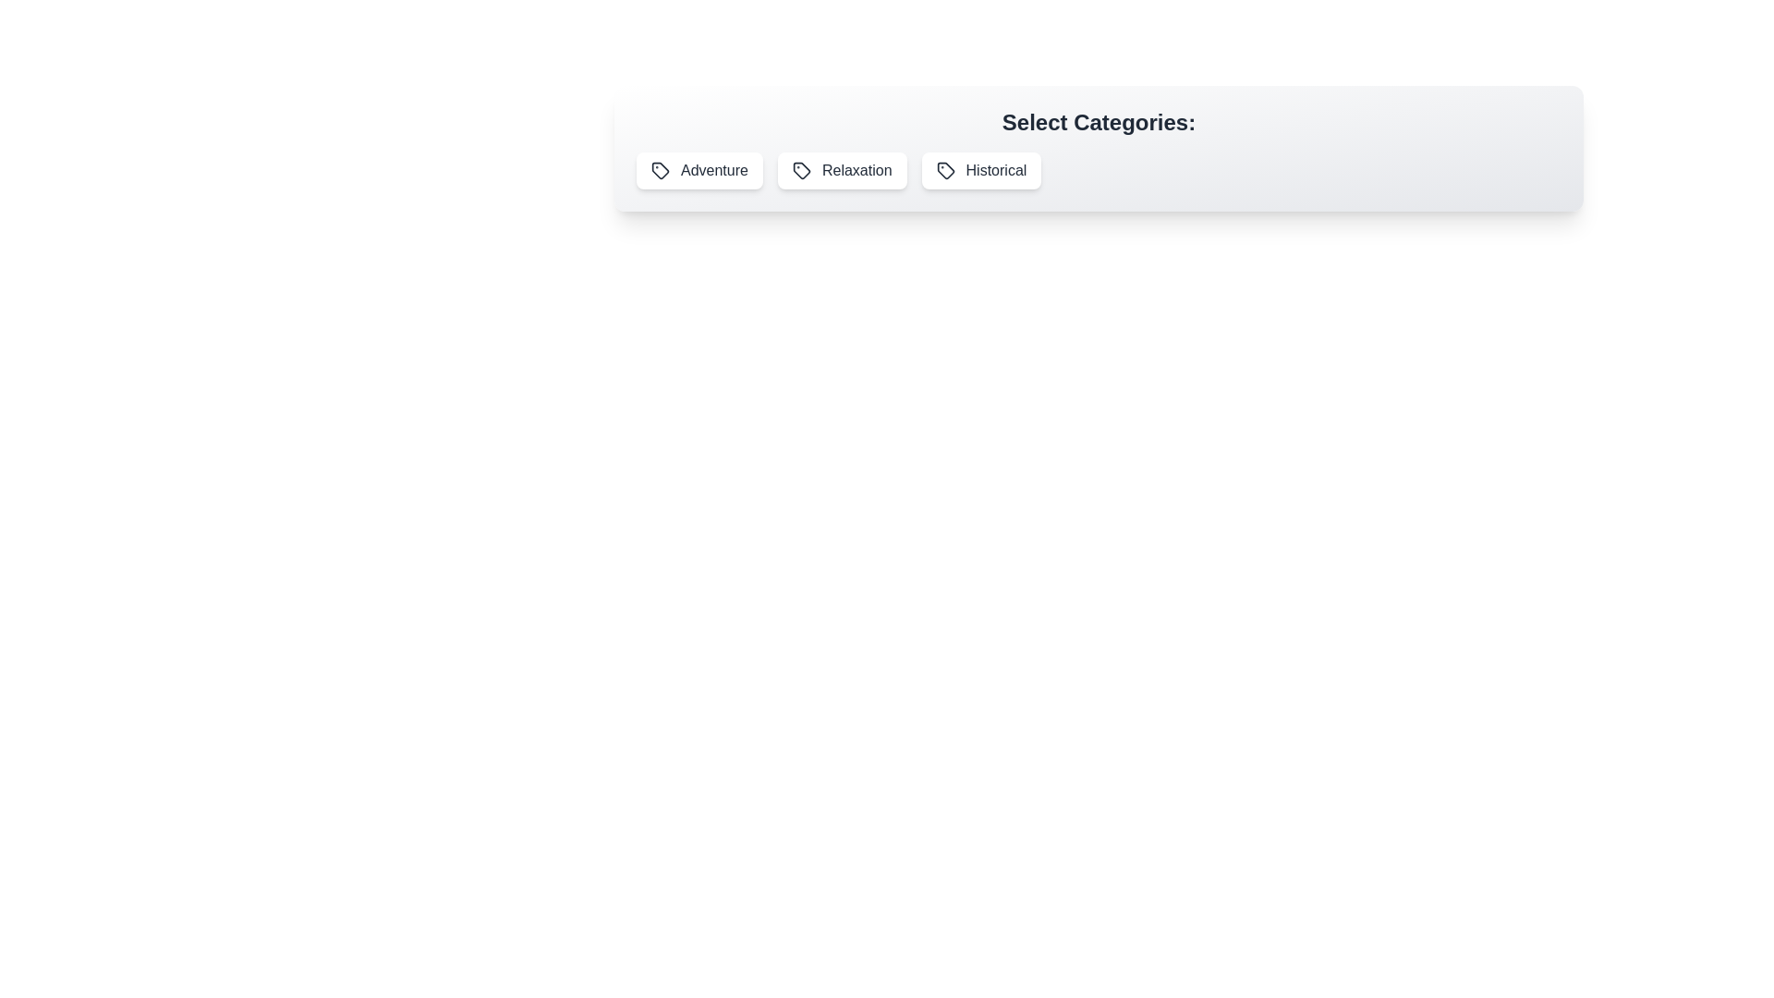 Image resolution: width=1774 pixels, height=998 pixels. I want to click on the tag labeled Historical, so click(979, 171).